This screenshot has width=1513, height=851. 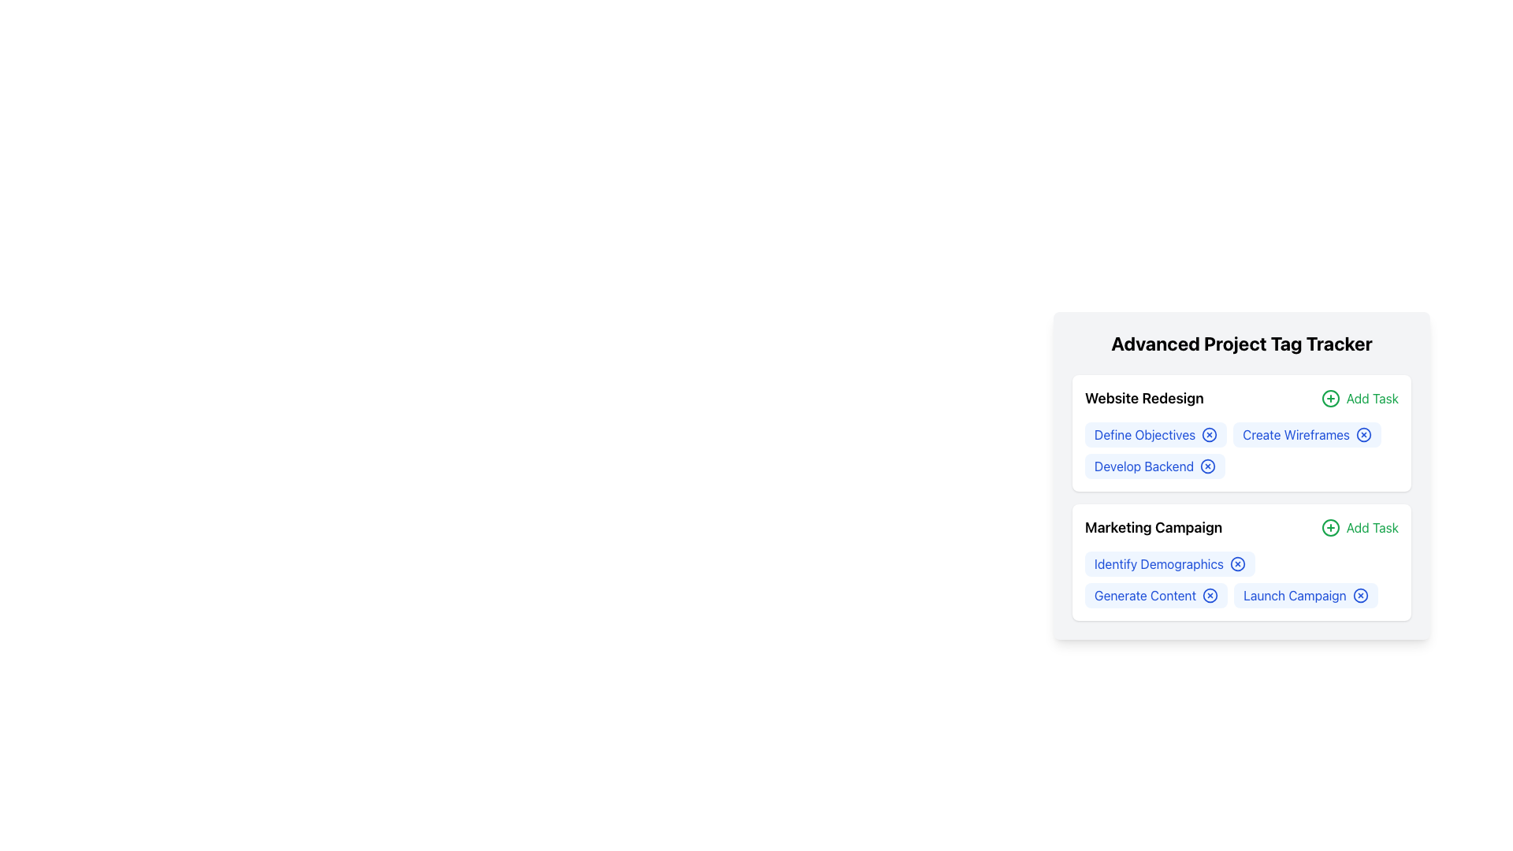 What do you see at coordinates (1209, 434) in the screenshot?
I see `the clear or remove button for the 'Define Objectives' tag located on the right side of the 'Define Objectives' text in the 'Website Redesign' section` at bounding box center [1209, 434].